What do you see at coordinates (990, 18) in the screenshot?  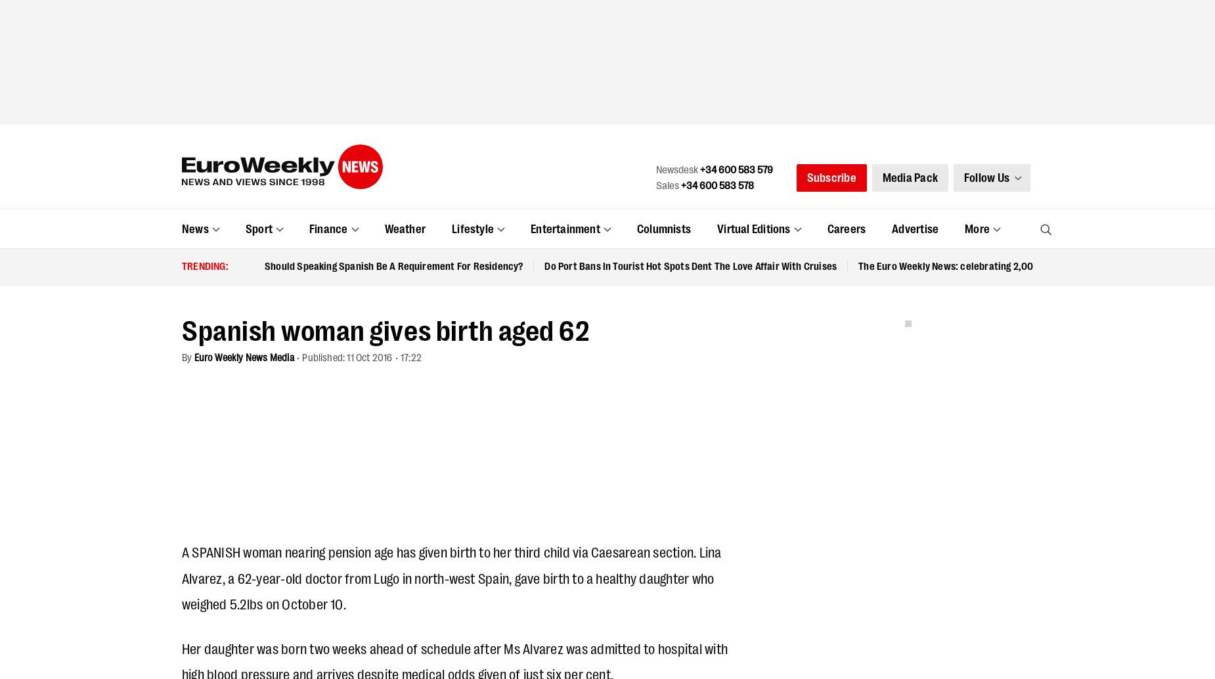 I see `'Close'` at bounding box center [990, 18].